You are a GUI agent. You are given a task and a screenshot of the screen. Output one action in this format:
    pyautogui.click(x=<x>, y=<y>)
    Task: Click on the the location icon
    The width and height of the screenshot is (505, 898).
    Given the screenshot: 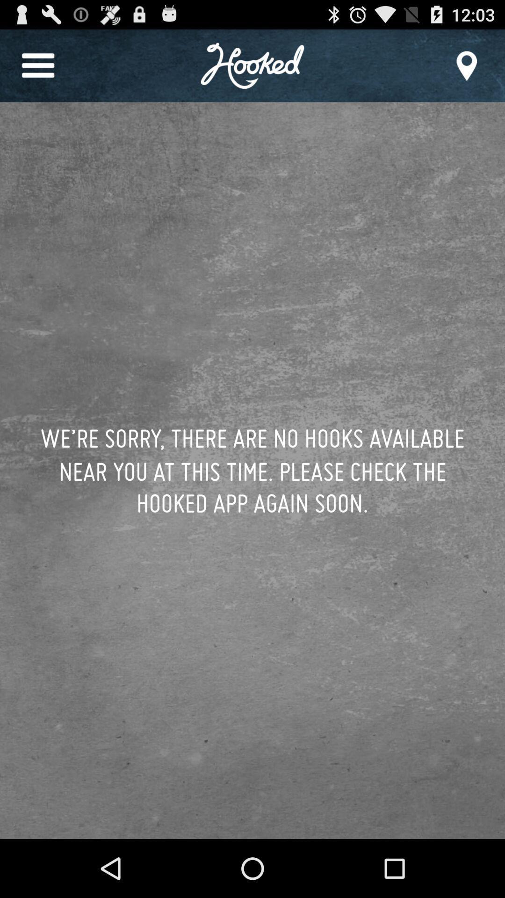 What is the action you would take?
    pyautogui.click(x=467, y=70)
    